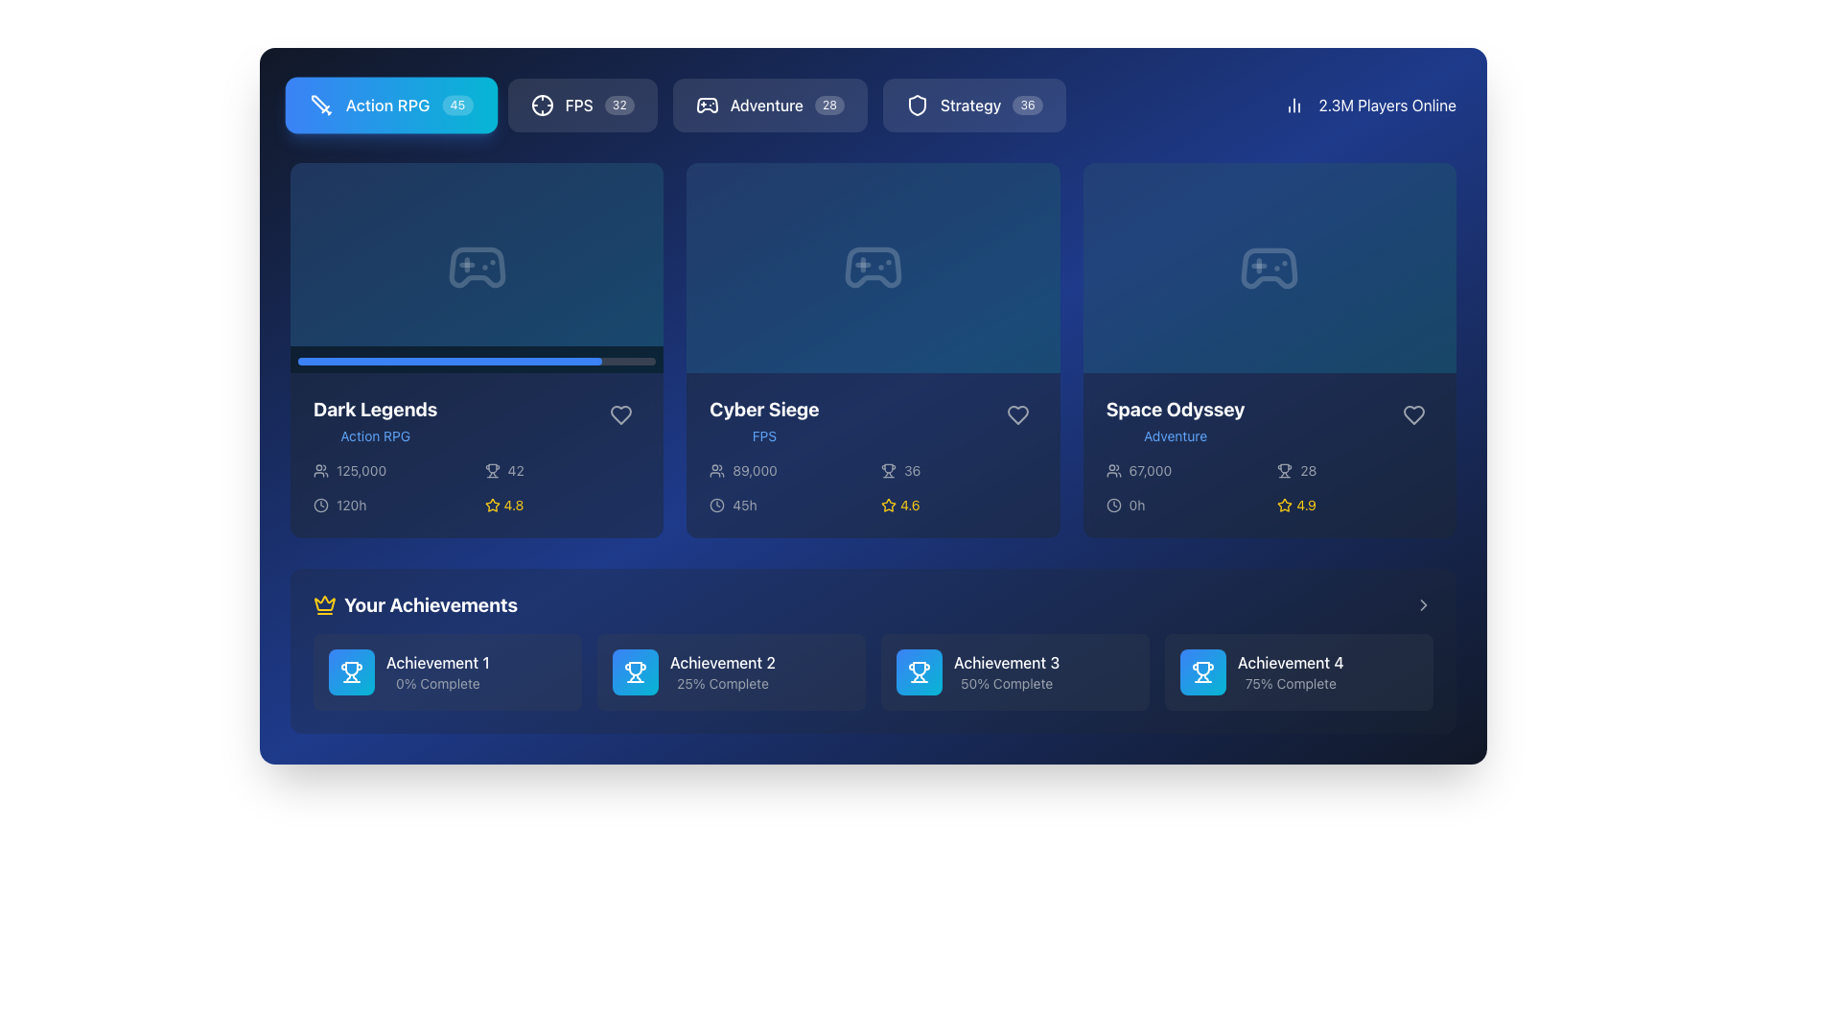  What do you see at coordinates (635, 671) in the screenshot?
I see `the trophy icon, which is an outline style white icon representing an achievement, located in the 'Your Achievements' section within the 'Achievement 2' card` at bounding box center [635, 671].